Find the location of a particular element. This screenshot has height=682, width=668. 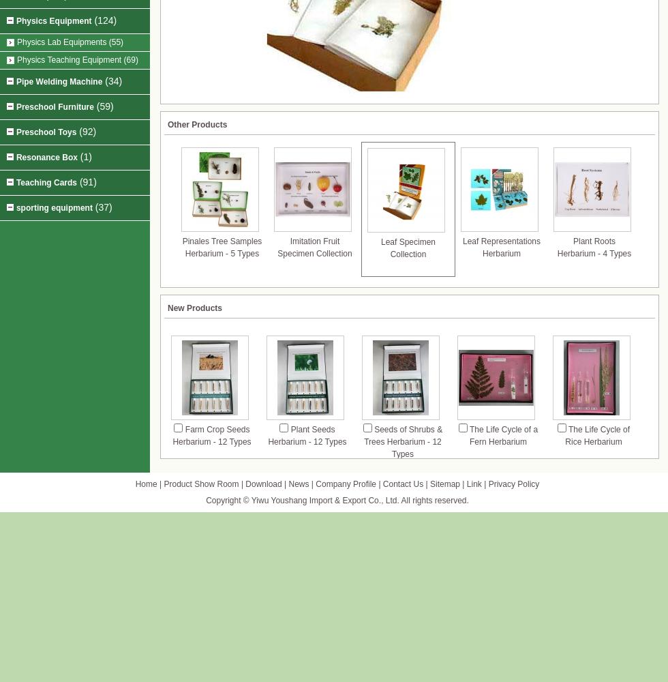

'Plant Seeds Herbarium - 12 Types' is located at coordinates (307, 435).